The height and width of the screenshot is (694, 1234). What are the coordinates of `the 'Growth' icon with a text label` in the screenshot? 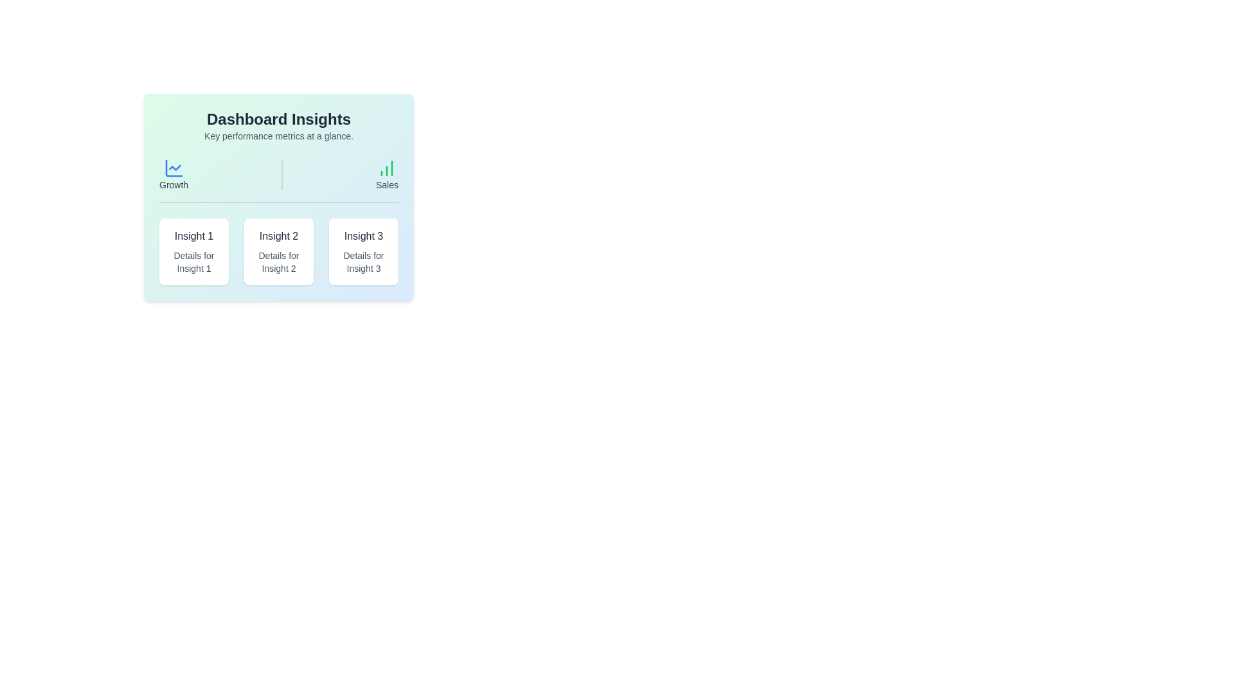 It's located at (173, 175).